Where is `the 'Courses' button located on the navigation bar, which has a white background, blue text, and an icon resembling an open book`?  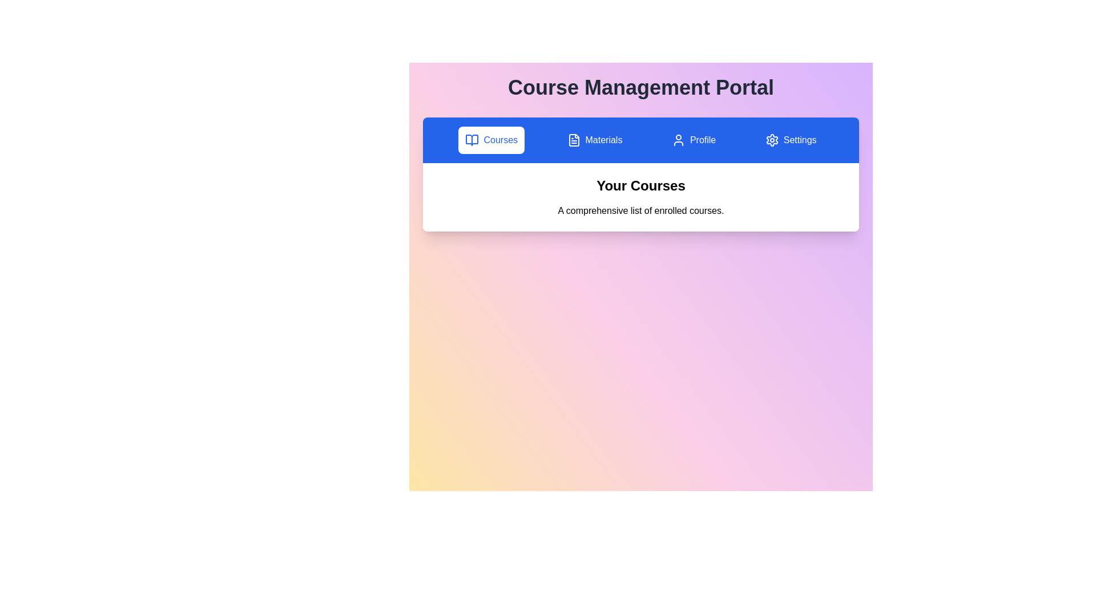
the 'Courses' button located on the navigation bar, which has a white background, blue text, and an icon resembling an open book is located at coordinates (491, 140).